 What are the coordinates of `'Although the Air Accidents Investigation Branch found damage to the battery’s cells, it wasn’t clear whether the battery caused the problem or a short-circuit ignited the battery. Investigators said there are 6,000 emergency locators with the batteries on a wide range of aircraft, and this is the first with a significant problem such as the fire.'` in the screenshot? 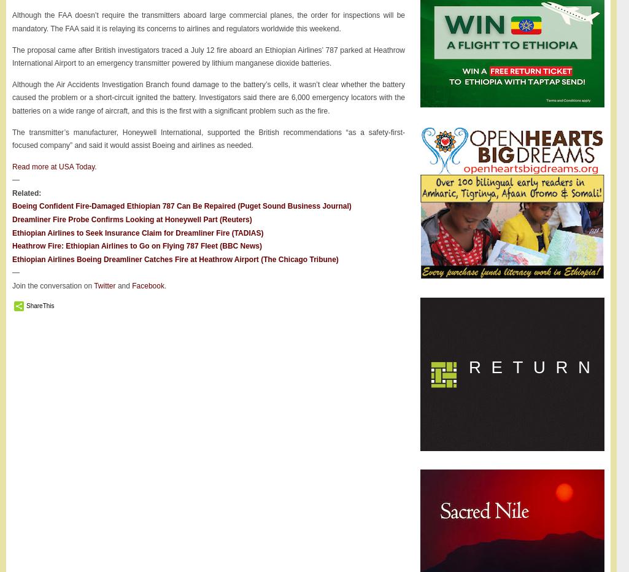 It's located at (207, 96).